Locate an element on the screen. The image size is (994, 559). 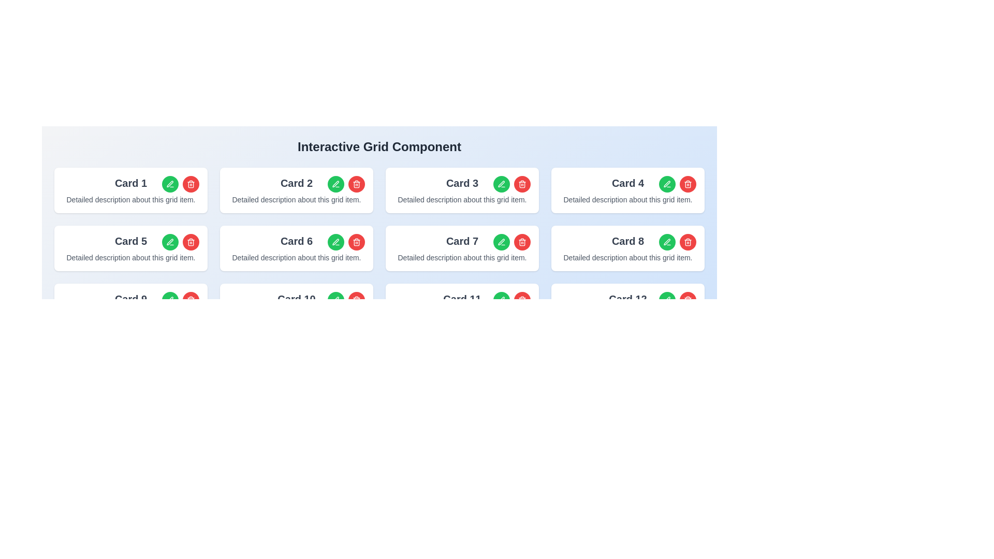
the red outlined trash bin icon in the top-right corner of 'Card 7' is located at coordinates (522, 242).